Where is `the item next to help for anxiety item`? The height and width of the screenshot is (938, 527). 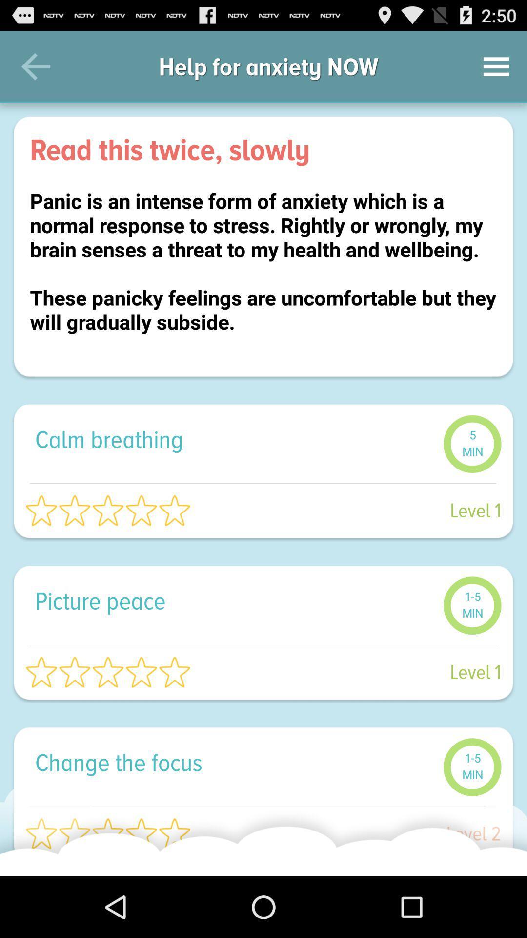 the item next to help for anxiety item is located at coordinates (35, 66).